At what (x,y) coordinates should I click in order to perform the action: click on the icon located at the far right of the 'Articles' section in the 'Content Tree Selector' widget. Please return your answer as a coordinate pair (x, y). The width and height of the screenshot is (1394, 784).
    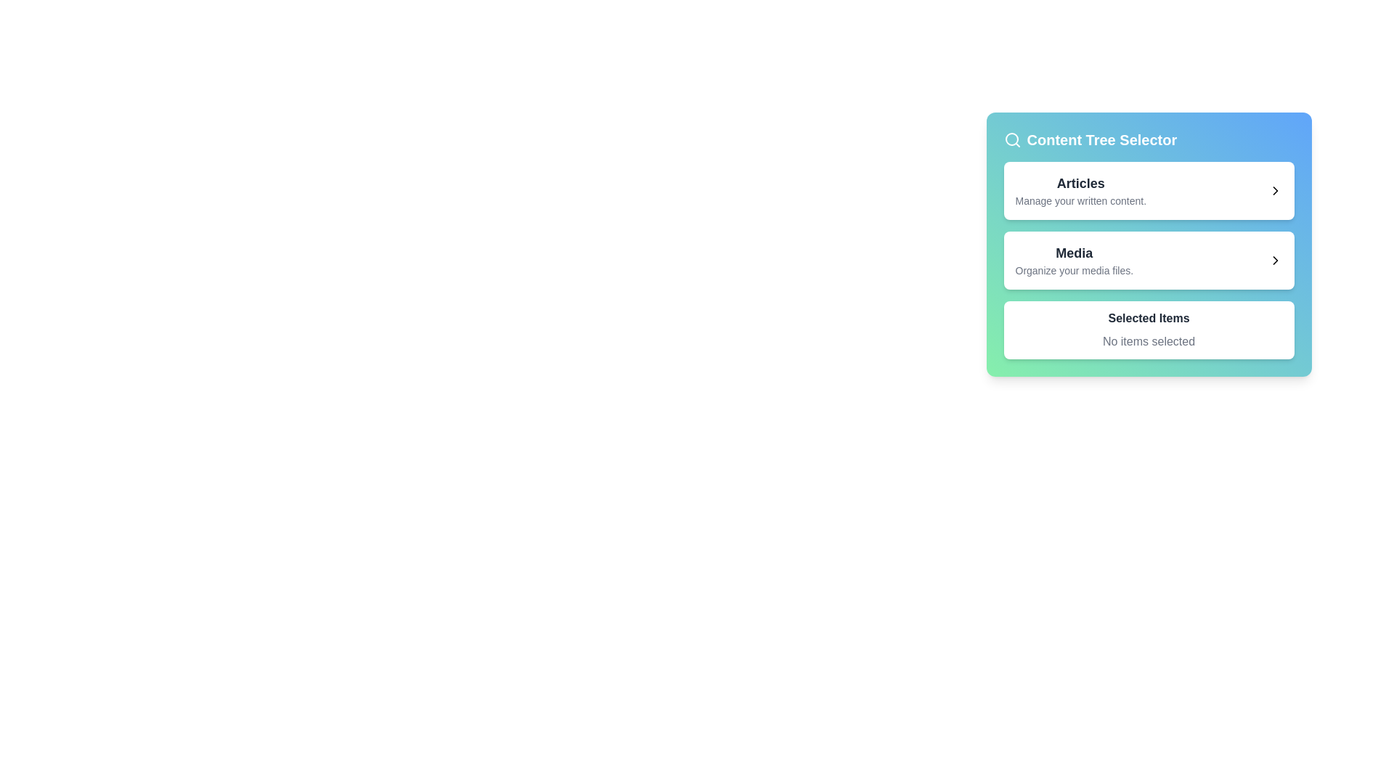
    Looking at the image, I should click on (1274, 189).